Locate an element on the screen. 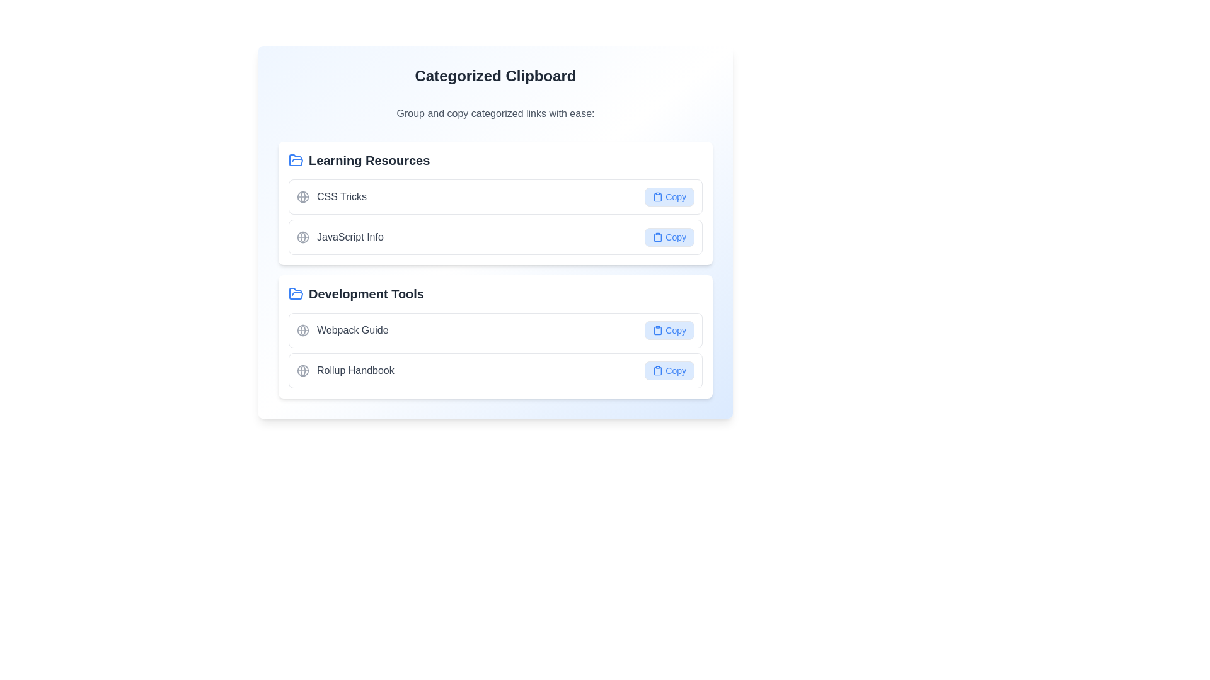 The width and height of the screenshot is (1210, 680). the 'Webpack Guide' text hyperlink located in the 'Development Tools' section, which is positioned directly under the 'Development Tools' label and above the 'Rollup Handbook' entry is located at coordinates (352, 329).